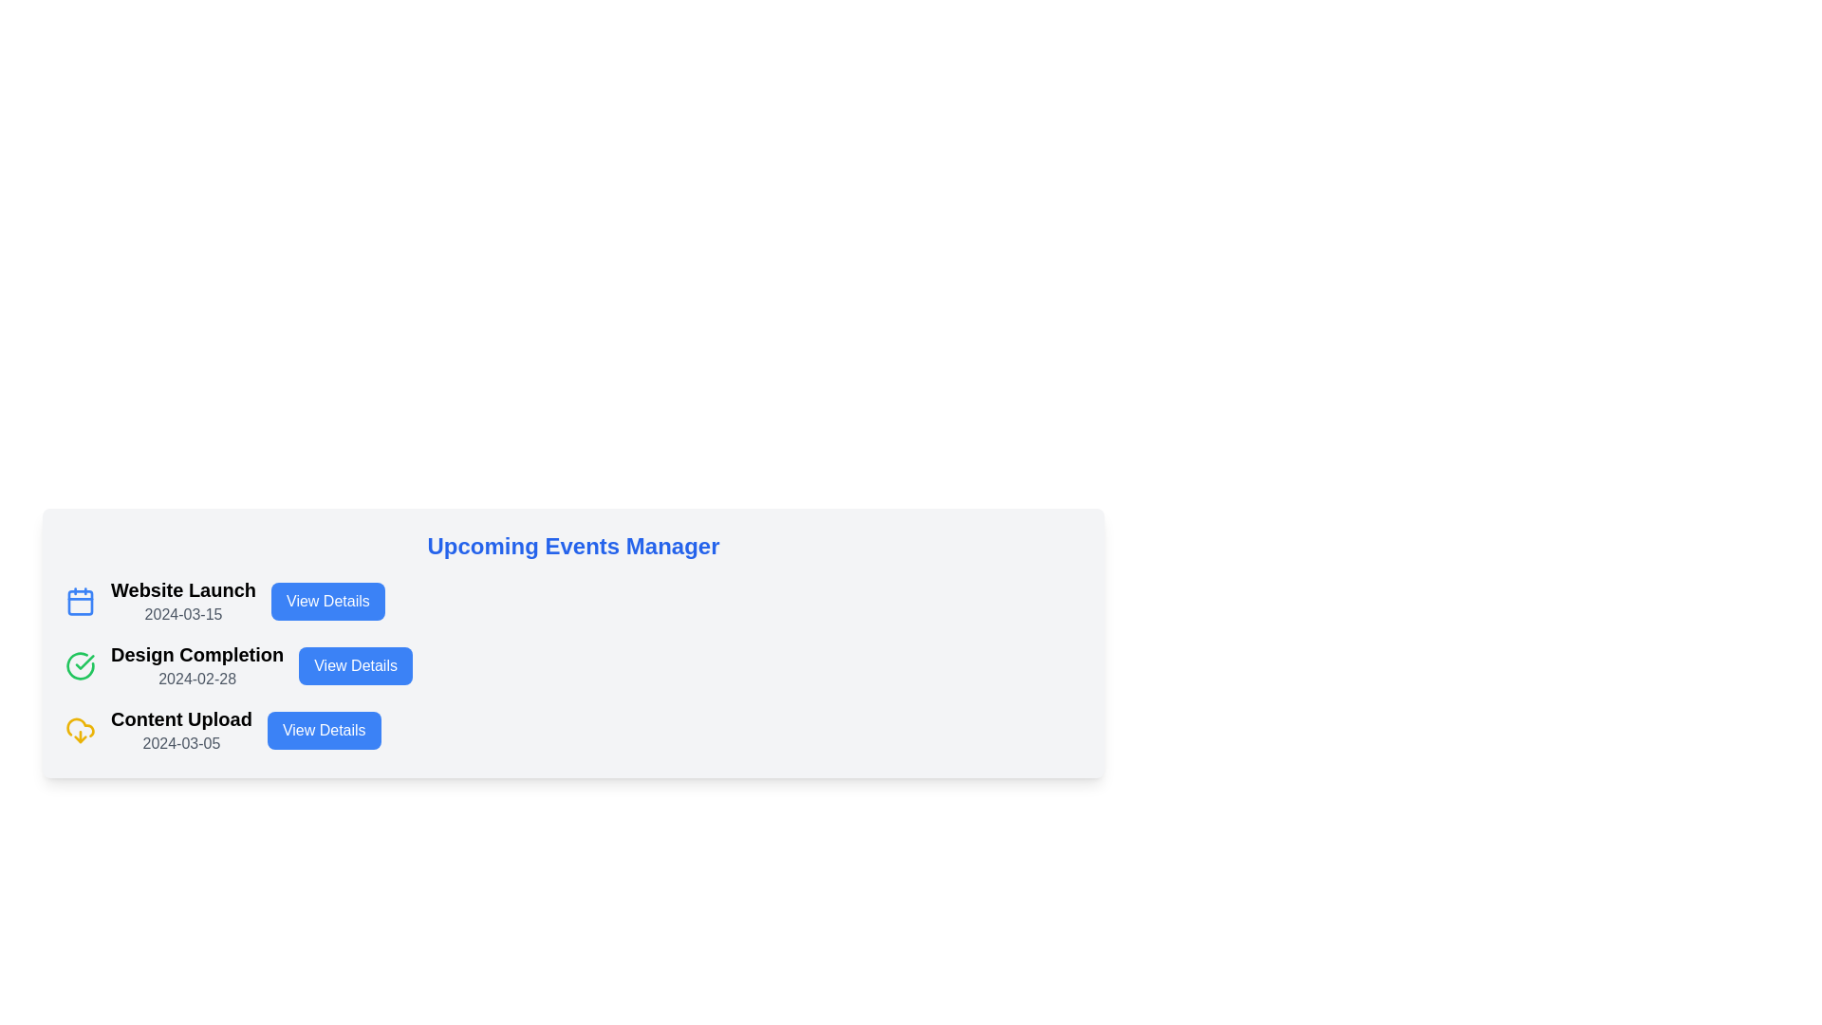  Describe the element at coordinates (80, 601) in the screenshot. I see `the blue calendar icon located at the leftmost side of the first row in the events list, preceding the text 'Website Launch' and the date '2024-03-15'` at that location.